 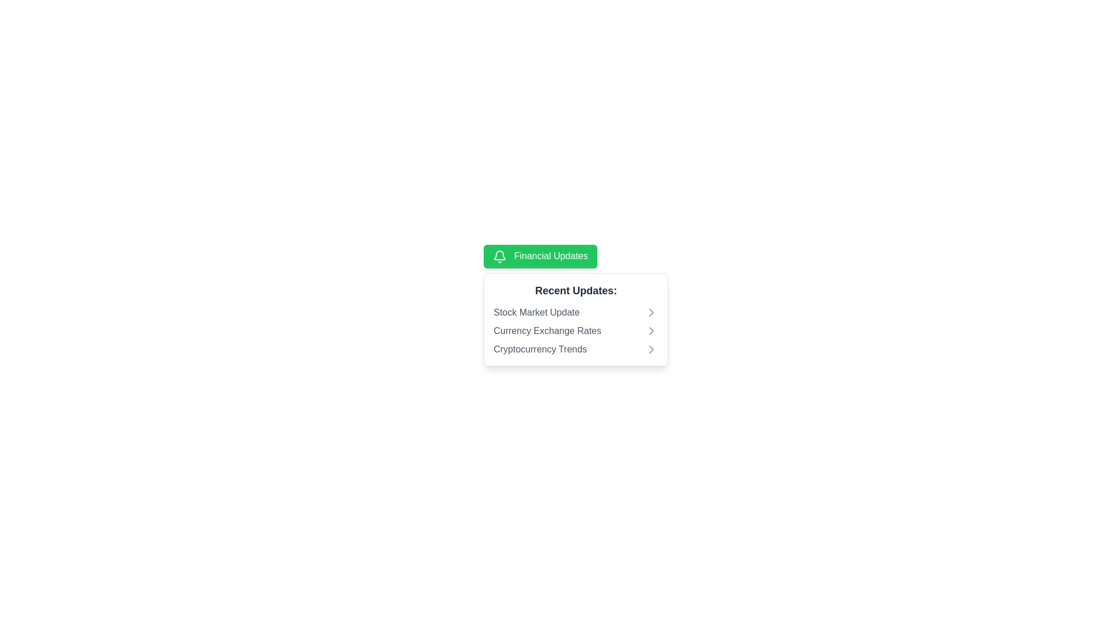 What do you see at coordinates (547, 331) in the screenshot?
I see `the currency exchange rates label or link in the dropdown menu to trigger a tooltip display or highlight effect` at bounding box center [547, 331].